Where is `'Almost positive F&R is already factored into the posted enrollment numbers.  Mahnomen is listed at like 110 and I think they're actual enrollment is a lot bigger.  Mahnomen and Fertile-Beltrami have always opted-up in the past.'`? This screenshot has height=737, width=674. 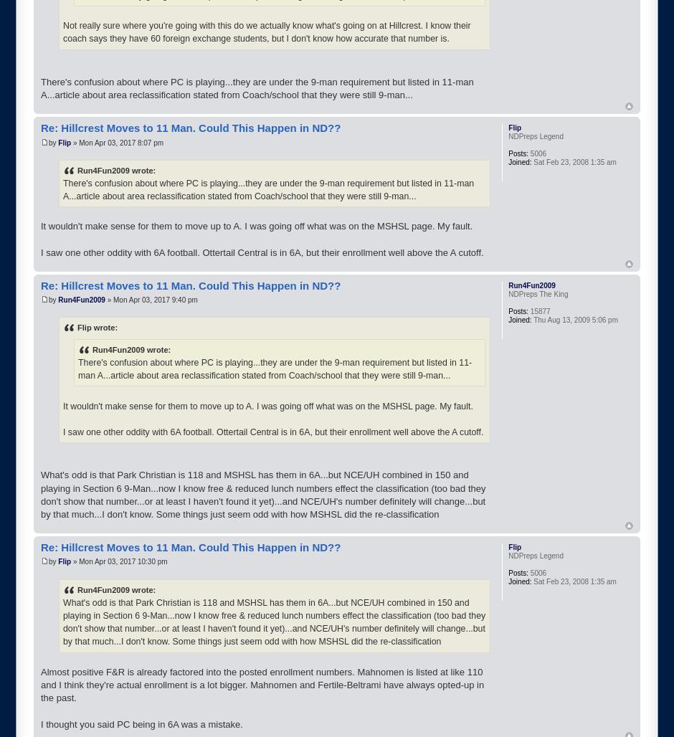
'Almost positive F&R is already factored into the posted enrollment numbers.  Mahnomen is listed at like 110 and I think they're actual enrollment is a lot bigger.  Mahnomen and Fertile-Beltrami have always opted-up in the past.' is located at coordinates (262, 685).